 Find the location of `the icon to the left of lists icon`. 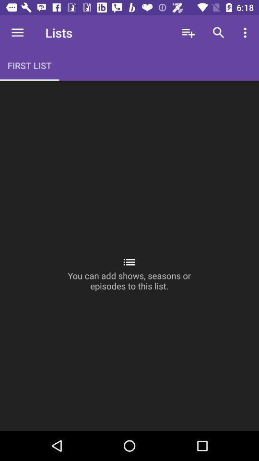

the icon to the left of lists icon is located at coordinates (17, 33).